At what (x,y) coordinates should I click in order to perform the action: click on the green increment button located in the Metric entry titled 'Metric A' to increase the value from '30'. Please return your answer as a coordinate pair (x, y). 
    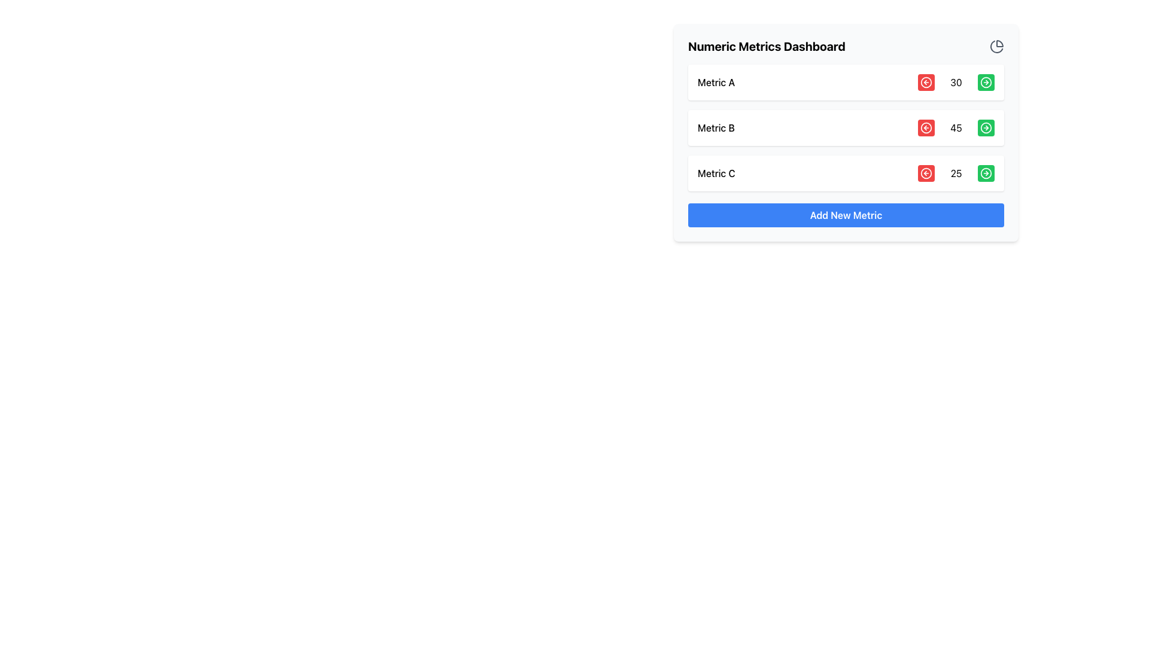
    Looking at the image, I should click on (846, 82).